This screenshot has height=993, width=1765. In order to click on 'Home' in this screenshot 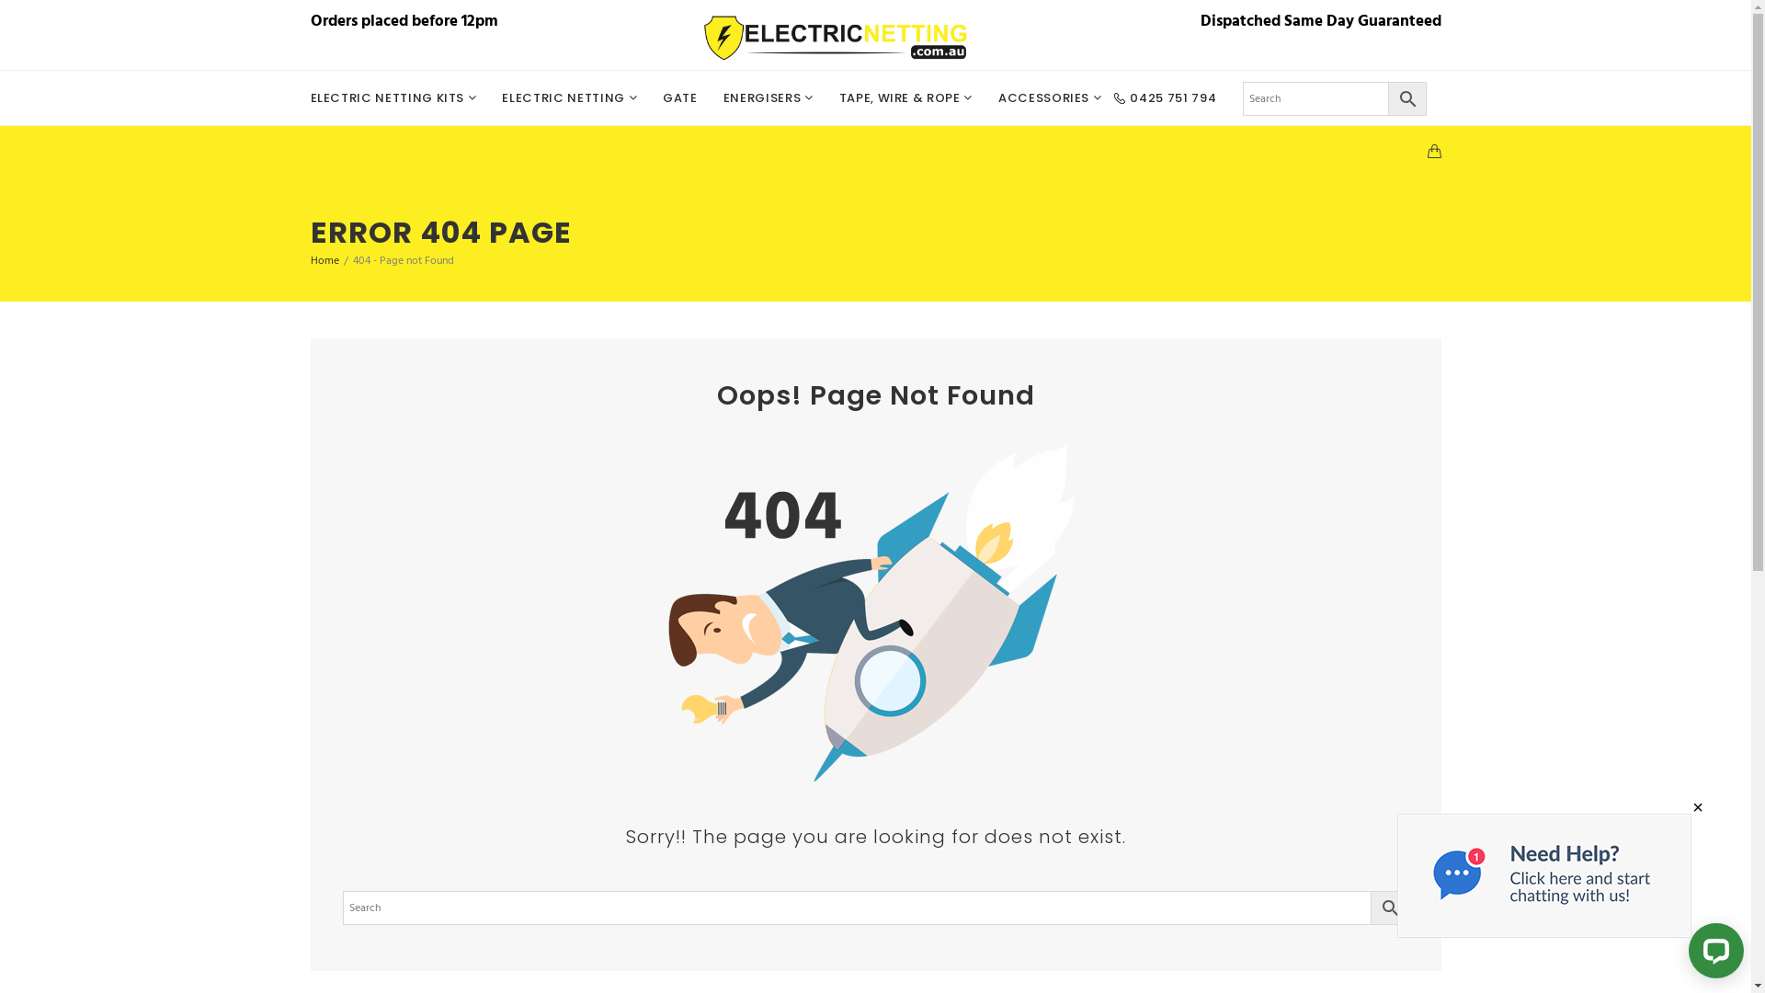, I will do `click(325, 261)`.